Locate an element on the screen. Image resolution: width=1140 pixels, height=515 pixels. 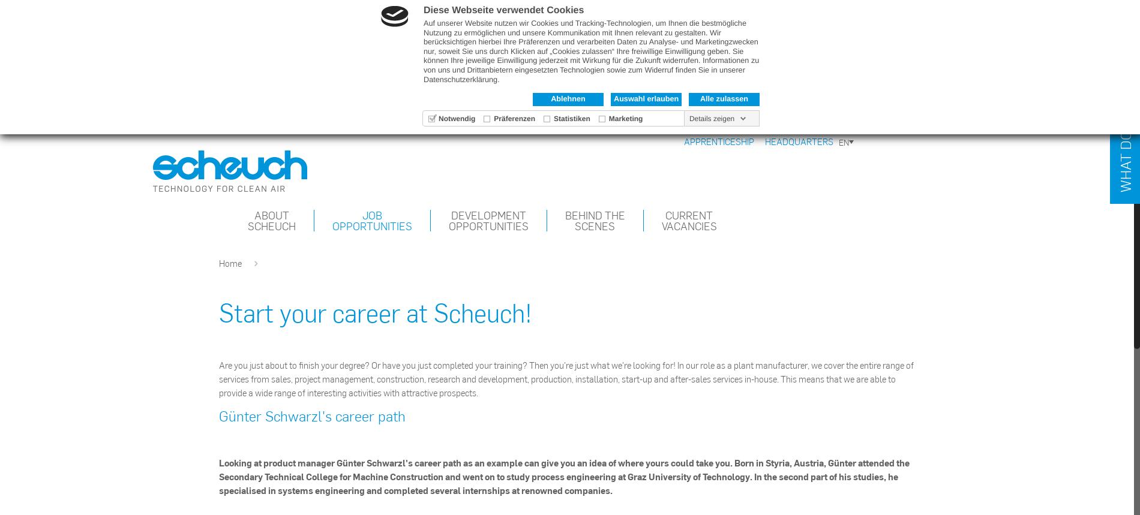
'Auf unserer Website nutzen wir Cookies und Tracking-Technologien, um Ihnen die bestmögliche Nutzung zu ermöglichen und unsere Kommunikation mit Ihnen relevant zu gestalten. Wir berücksichtigen hierbei Ihre Präferenzen und verarbeiten Daten zu Analyse- und Marketingzwecken nur, soweit Sie uns durch Klicken auf „Cookies zulassen“ Ihre freiwillige Einwilligung geben. Sie können Ihre jeweilige Einwilligung jederzeit mit Wirkung für die Zukunft widerrufen. Informationen zu von uns und Drittanbietern eingesetzten Technologien sowie zum Widerruf finden Sie in unserer' is located at coordinates (424, 46).